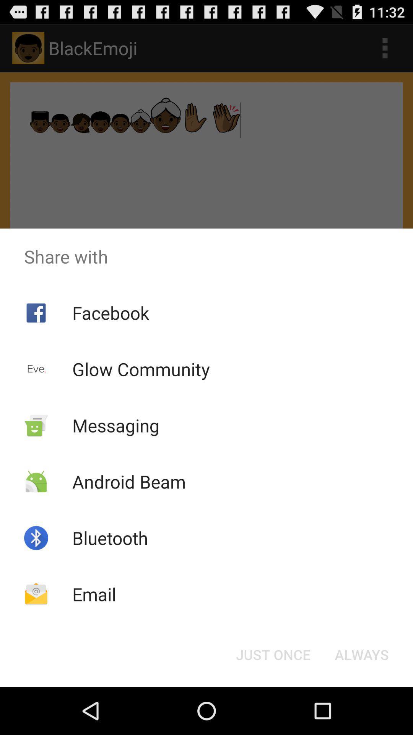 The image size is (413, 735). I want to click on always, so click(361, 654).